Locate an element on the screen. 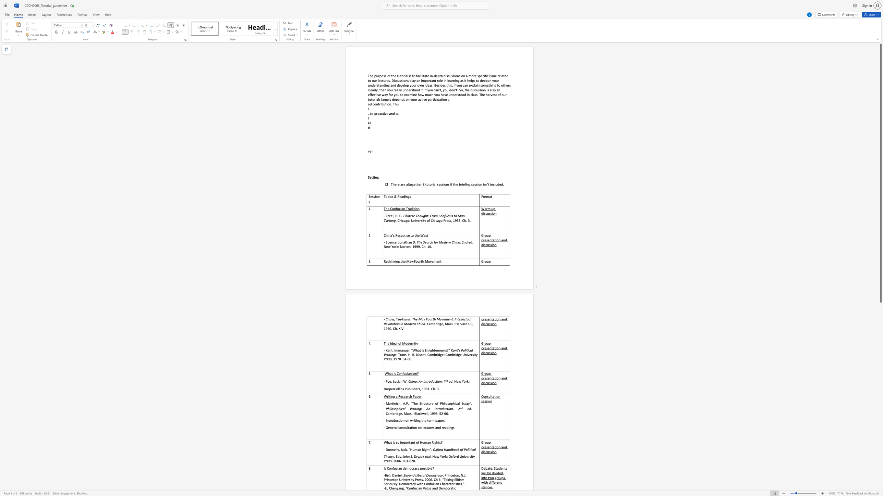 Image resolution: width=883 pixels, height=496 pixels. the side scrollbar to bring the page down is located at coordinates (880, 385).